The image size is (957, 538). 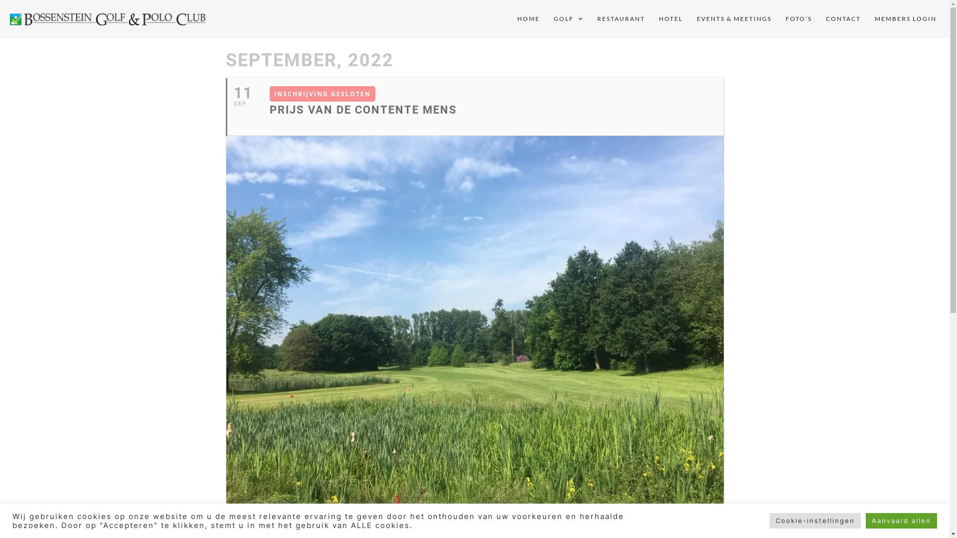 What do you see at coordinates (842, 19) in the screenshot?
I see `'CONTACT'` at bounding box center [842, 19].